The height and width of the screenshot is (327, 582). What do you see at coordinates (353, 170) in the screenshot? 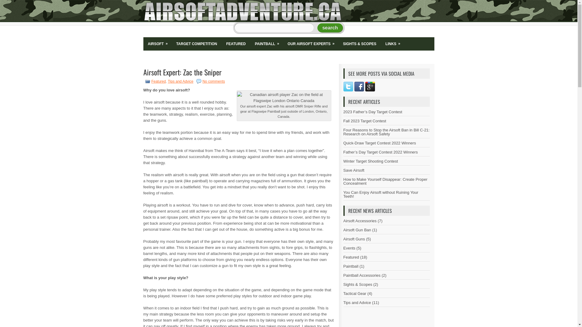
I see `'Save Airsoft'` at bounding box center [353, 170].